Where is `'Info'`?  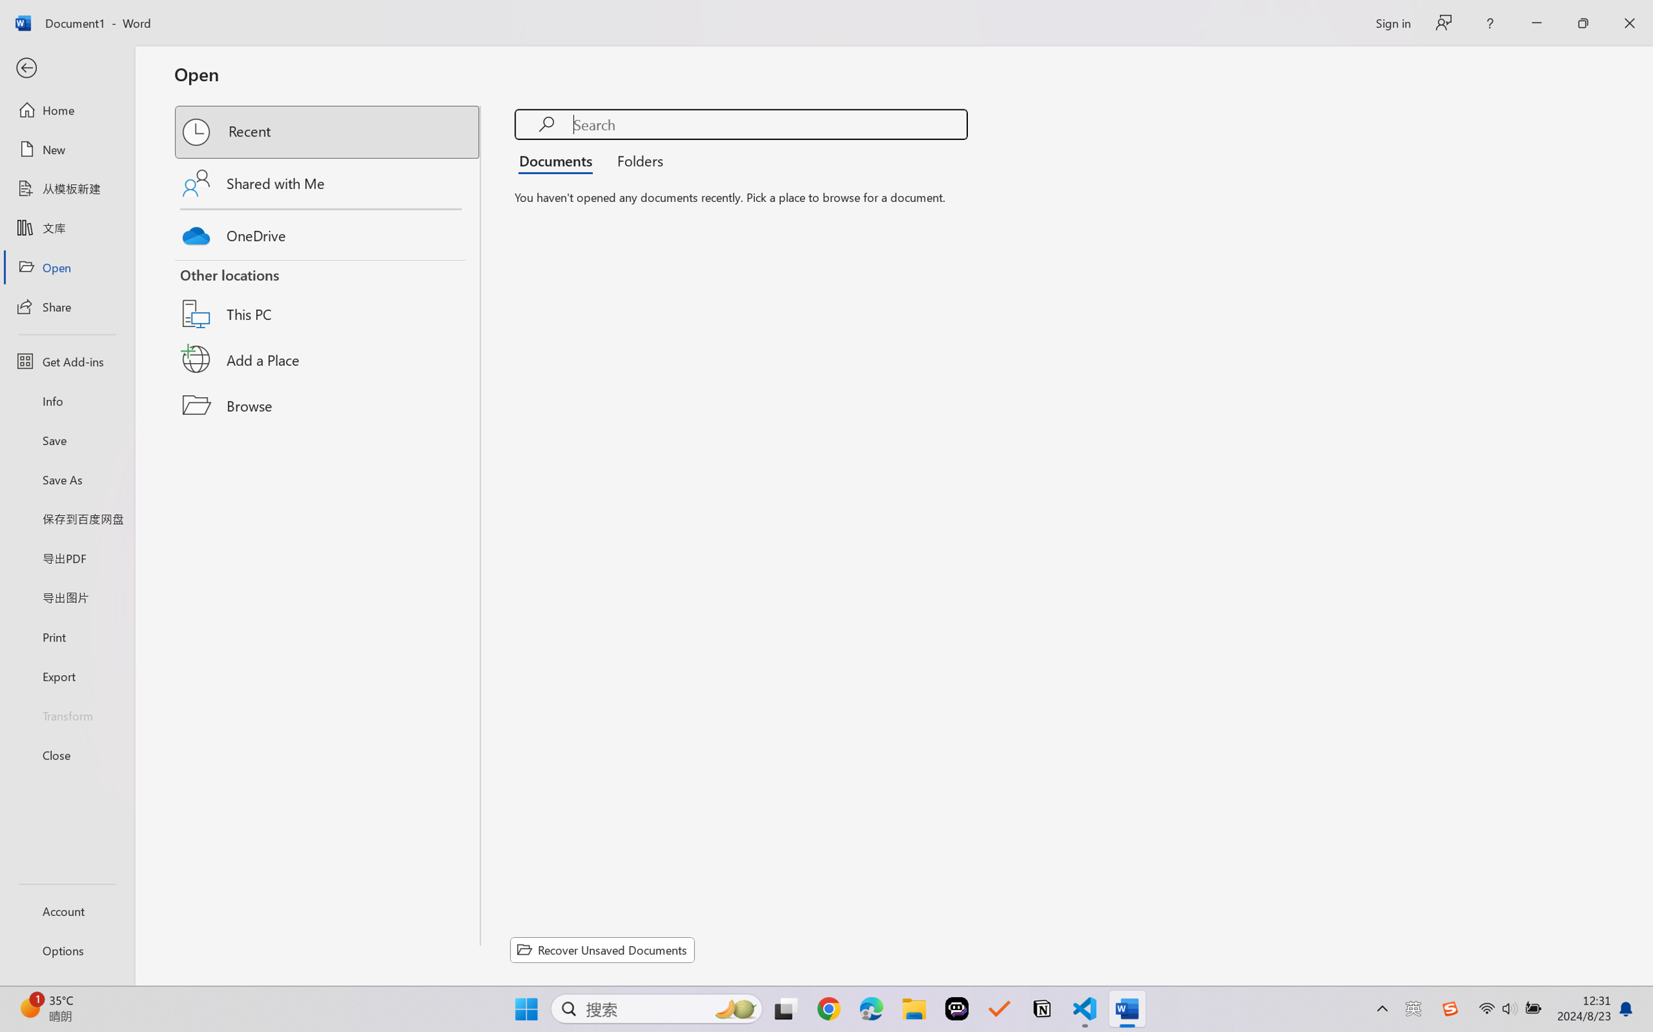 'Info' is located at coordinates (66, 400).